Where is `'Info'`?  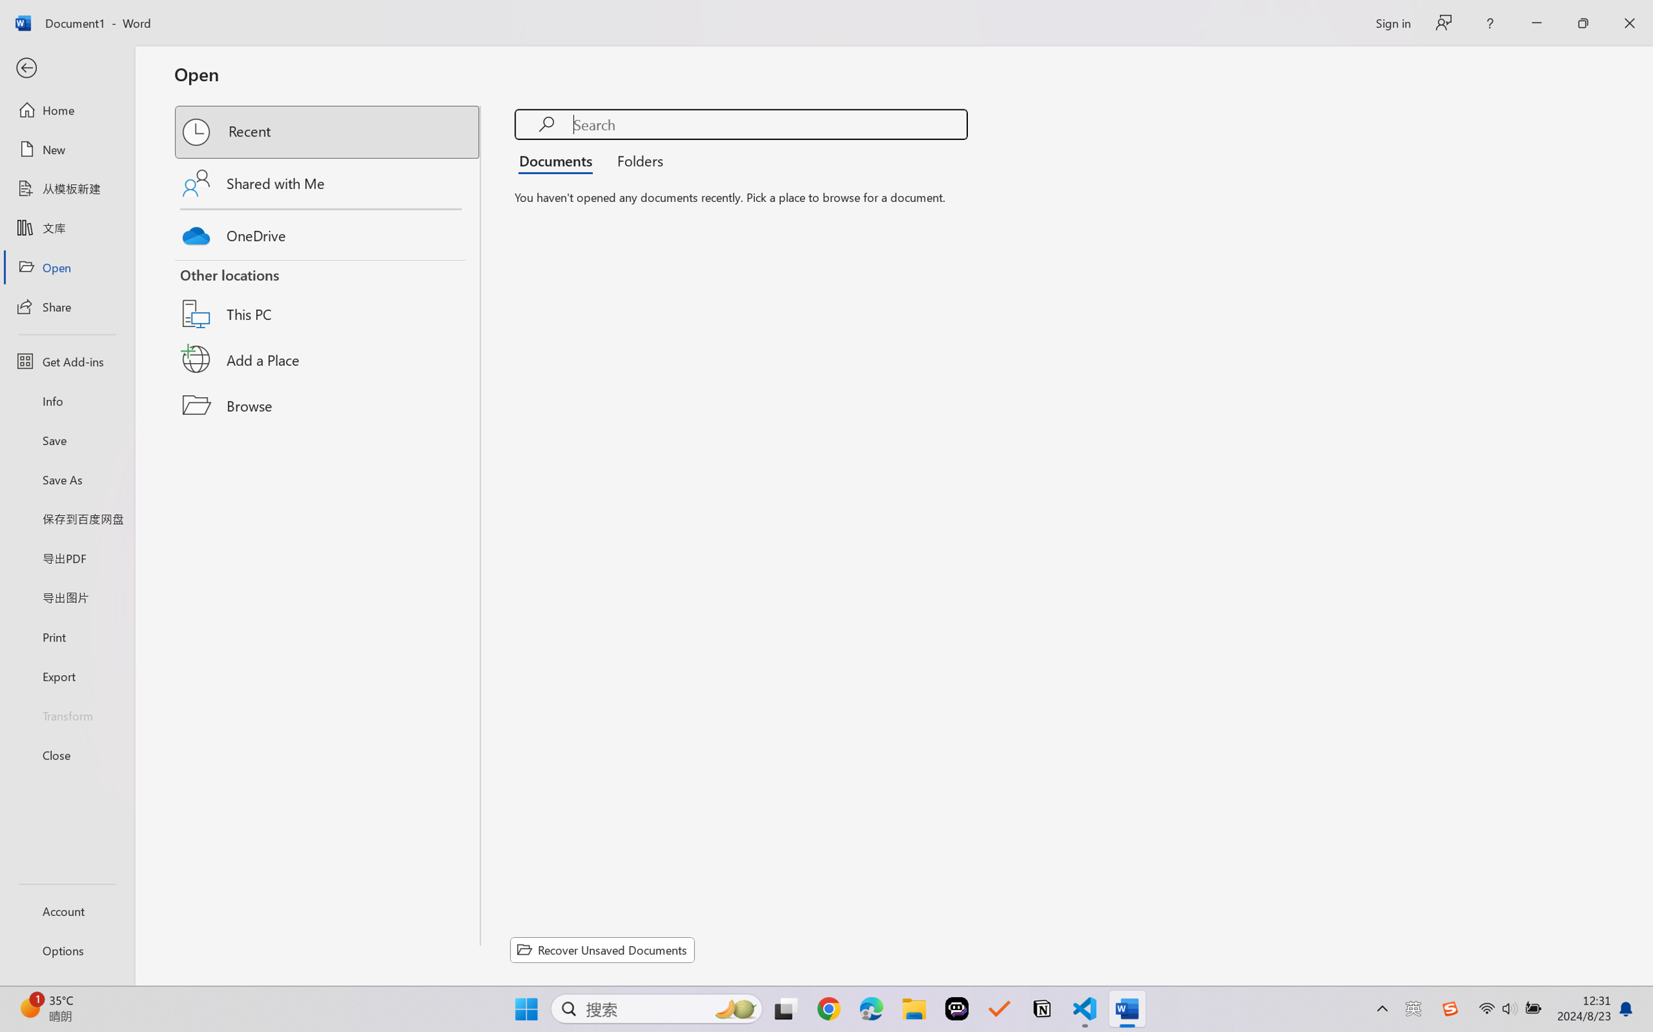 'Info' is located at coordinates (66, 400).